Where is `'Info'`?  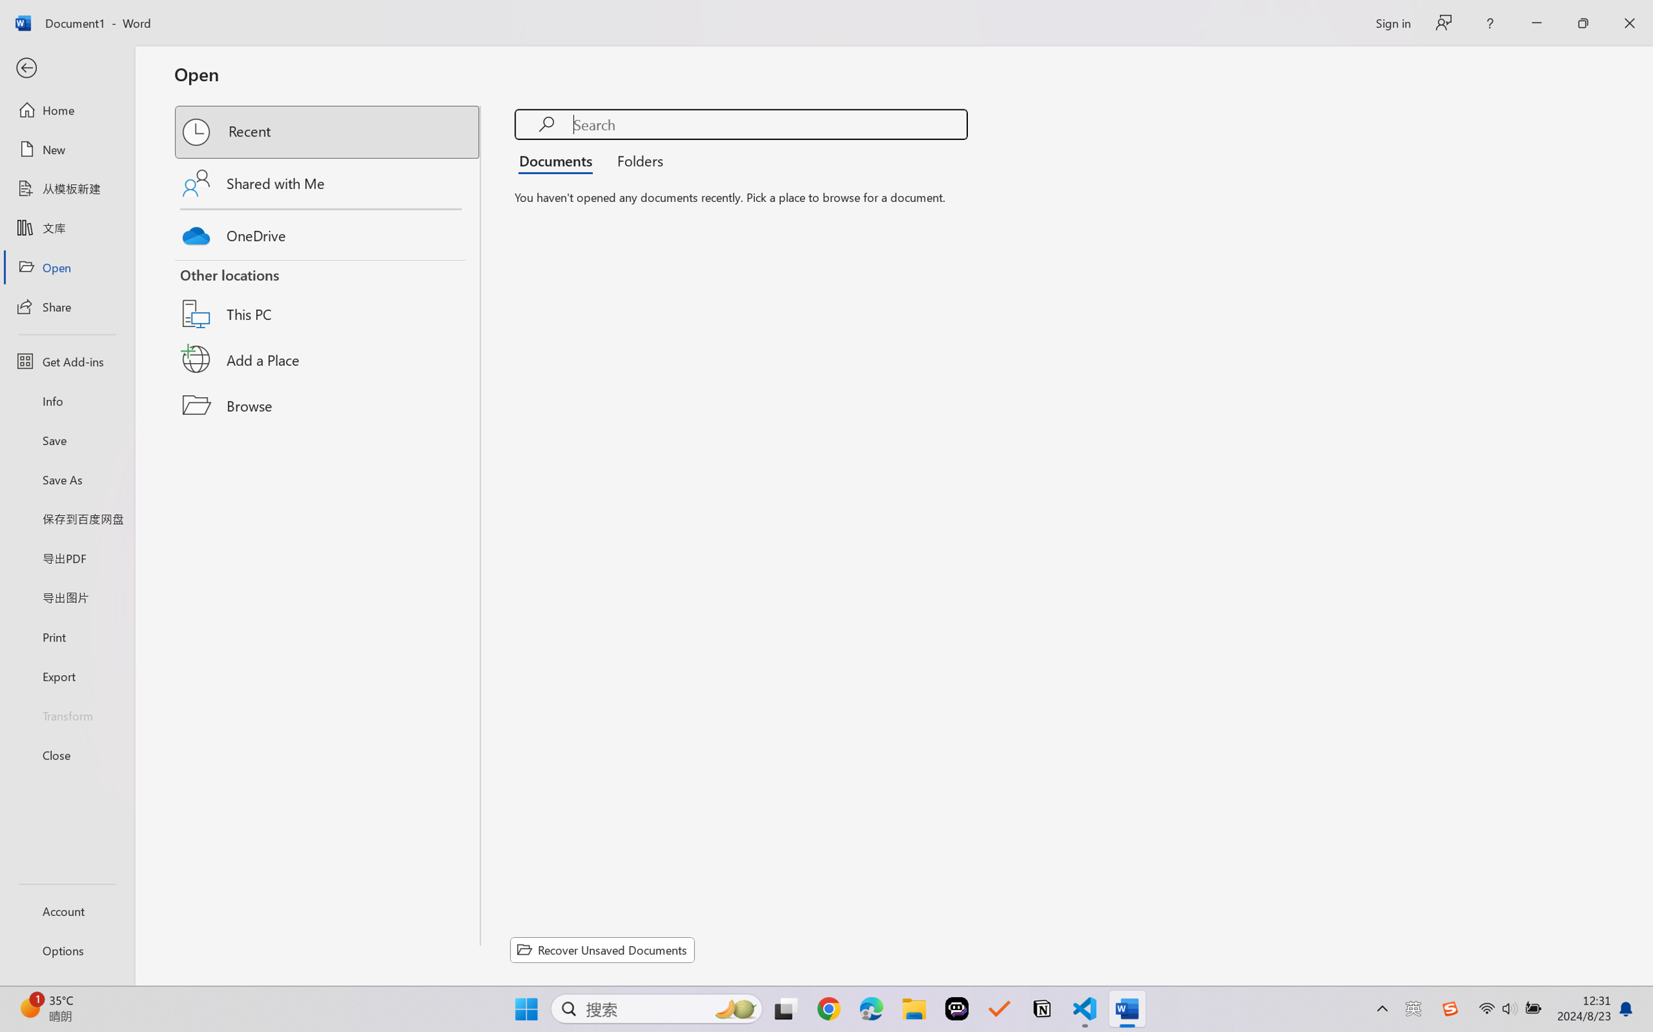 'Info' is located at coordinates (66, 400).